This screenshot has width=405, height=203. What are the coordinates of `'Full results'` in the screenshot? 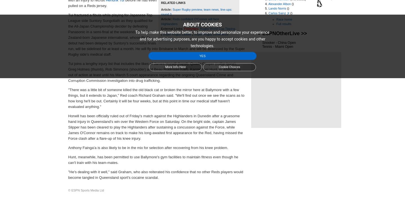 It's located at (283, 23).